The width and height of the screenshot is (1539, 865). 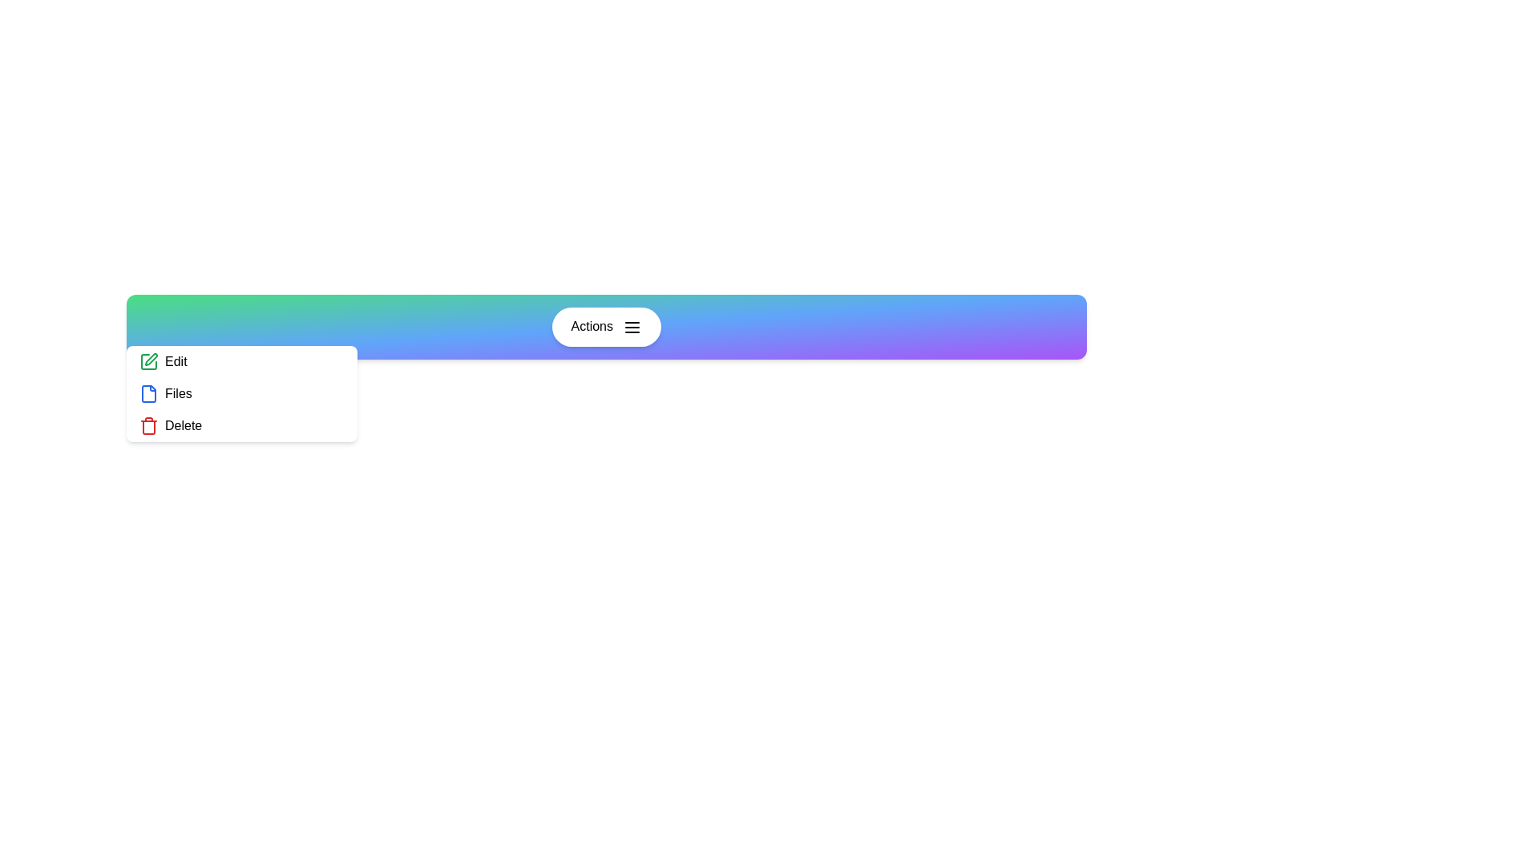 I want to click on the 'Actions' button to toggle the menu visibility, so click(x=606, y=326).